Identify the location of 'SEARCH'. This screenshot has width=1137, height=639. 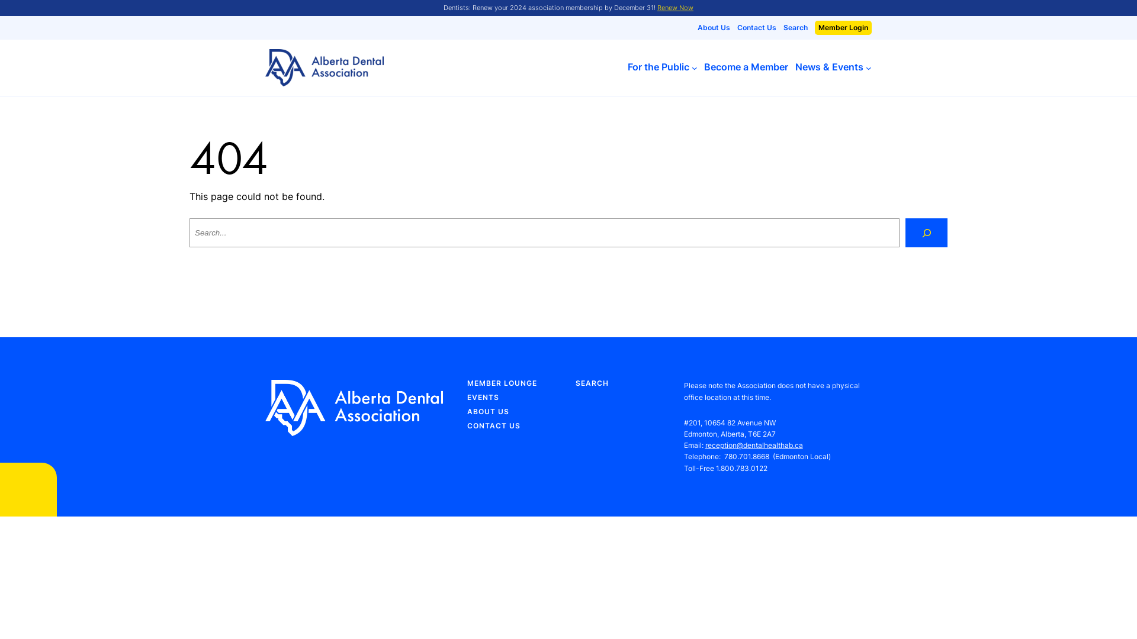
(592, 383).